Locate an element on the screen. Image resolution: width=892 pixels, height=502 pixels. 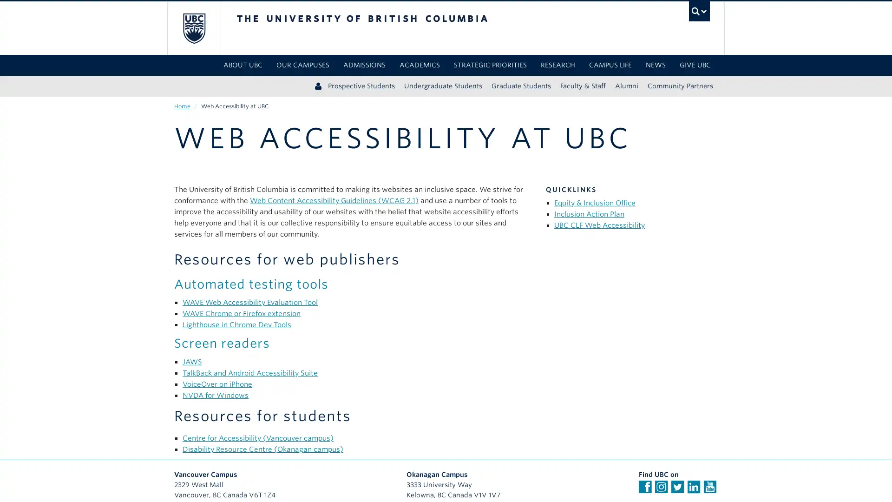
search trigger is located at coordinates (699, 11).